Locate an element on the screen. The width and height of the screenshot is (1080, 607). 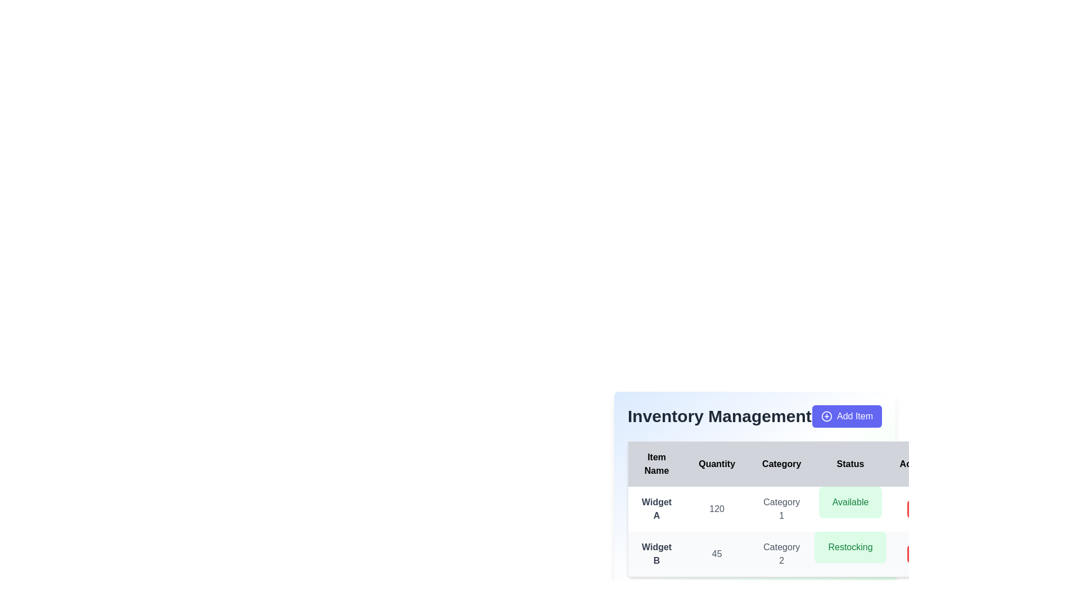
the table row summarizing inventory details for 'Widget B', which includes its quantity, category, and current status, located in the second row of the 'Inventory Management' table is located at coordinates (786, 554).